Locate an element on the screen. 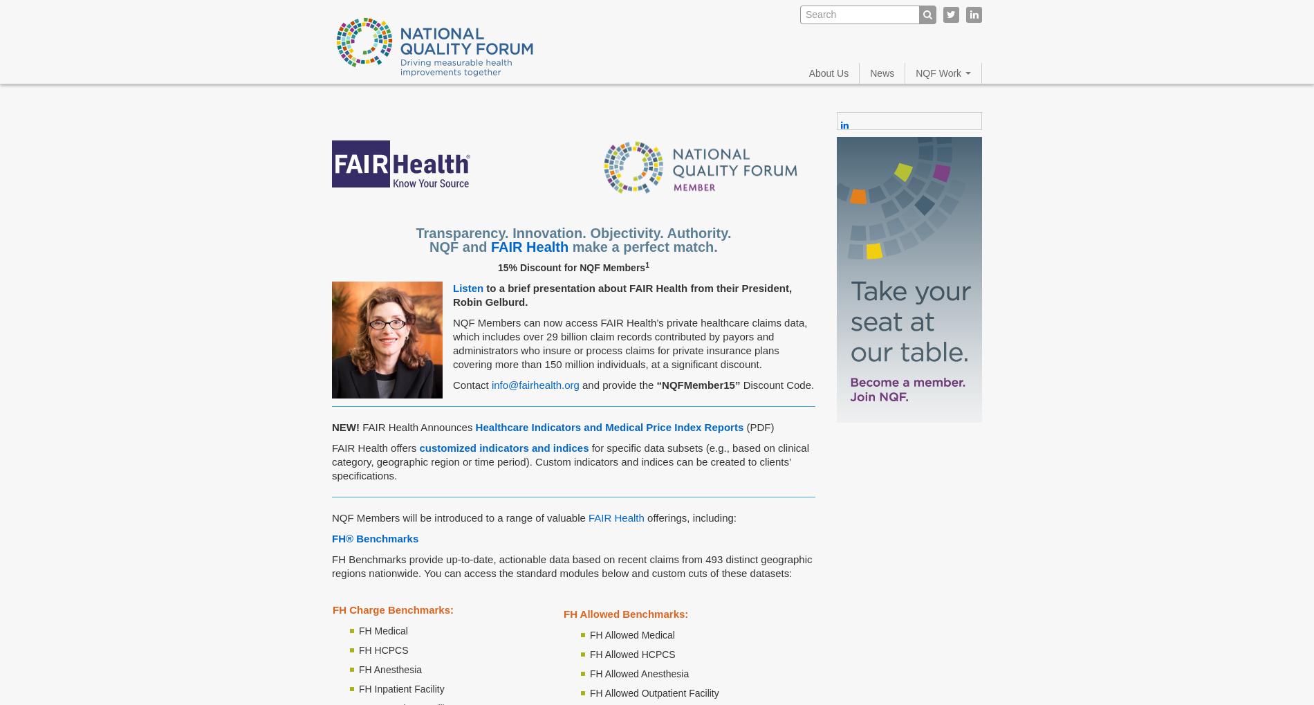 Image resolution: width=1314 pixels, height=705 pixels. 'for specific data subsets (e.g., based on clinical category, geographic region or time period). Custom indicators and indices can be created to clients’ specifications.' is located at coordinates (569, 461).